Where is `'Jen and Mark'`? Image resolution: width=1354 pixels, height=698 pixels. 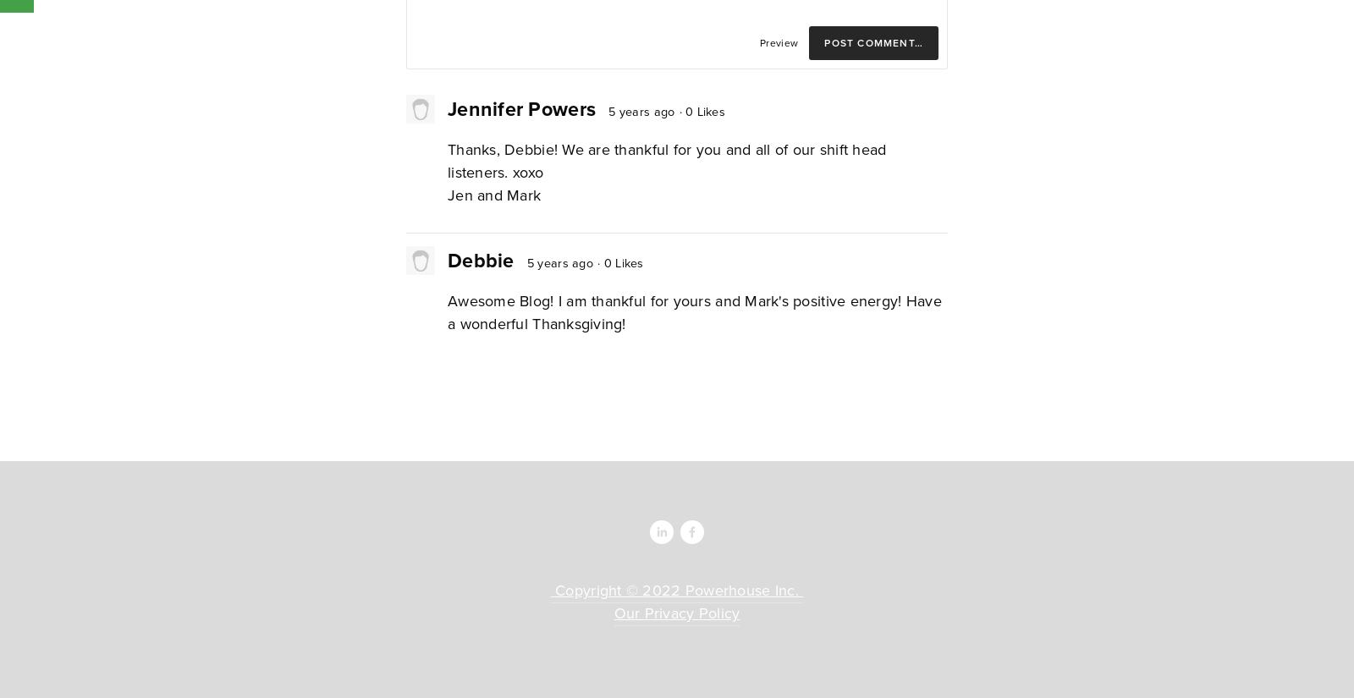 'Jen and Mark' is located at coordinates (493, 195).